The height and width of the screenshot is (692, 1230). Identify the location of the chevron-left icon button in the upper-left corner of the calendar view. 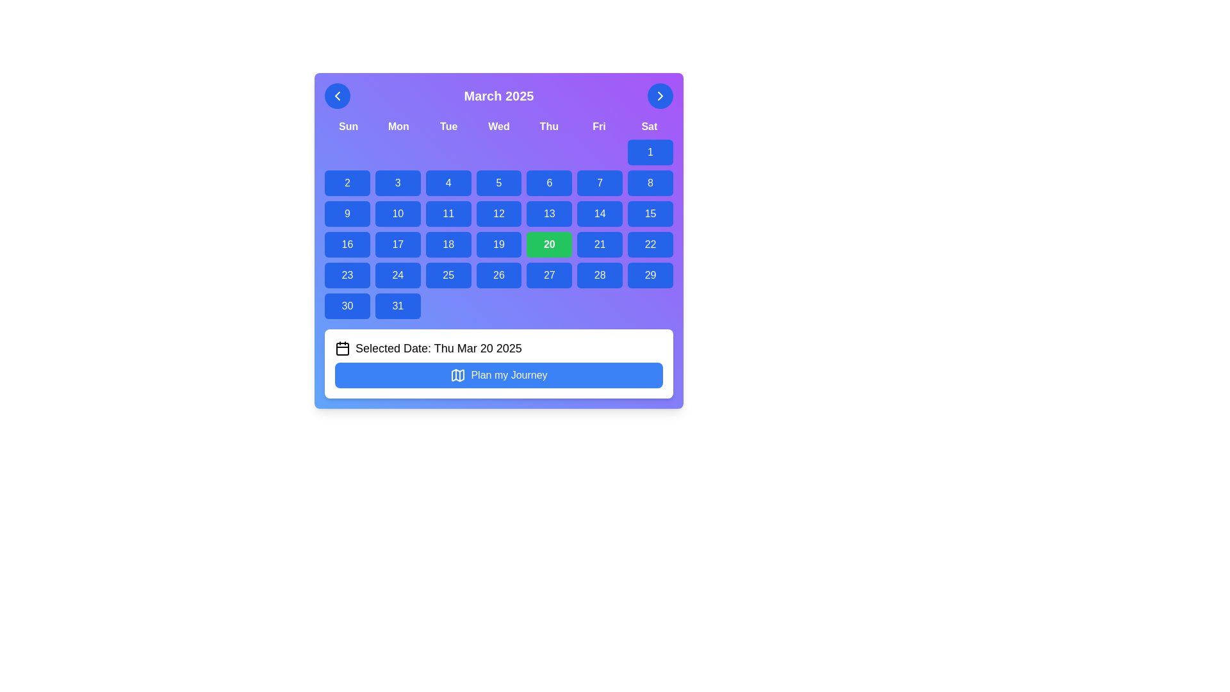
(338, 95).